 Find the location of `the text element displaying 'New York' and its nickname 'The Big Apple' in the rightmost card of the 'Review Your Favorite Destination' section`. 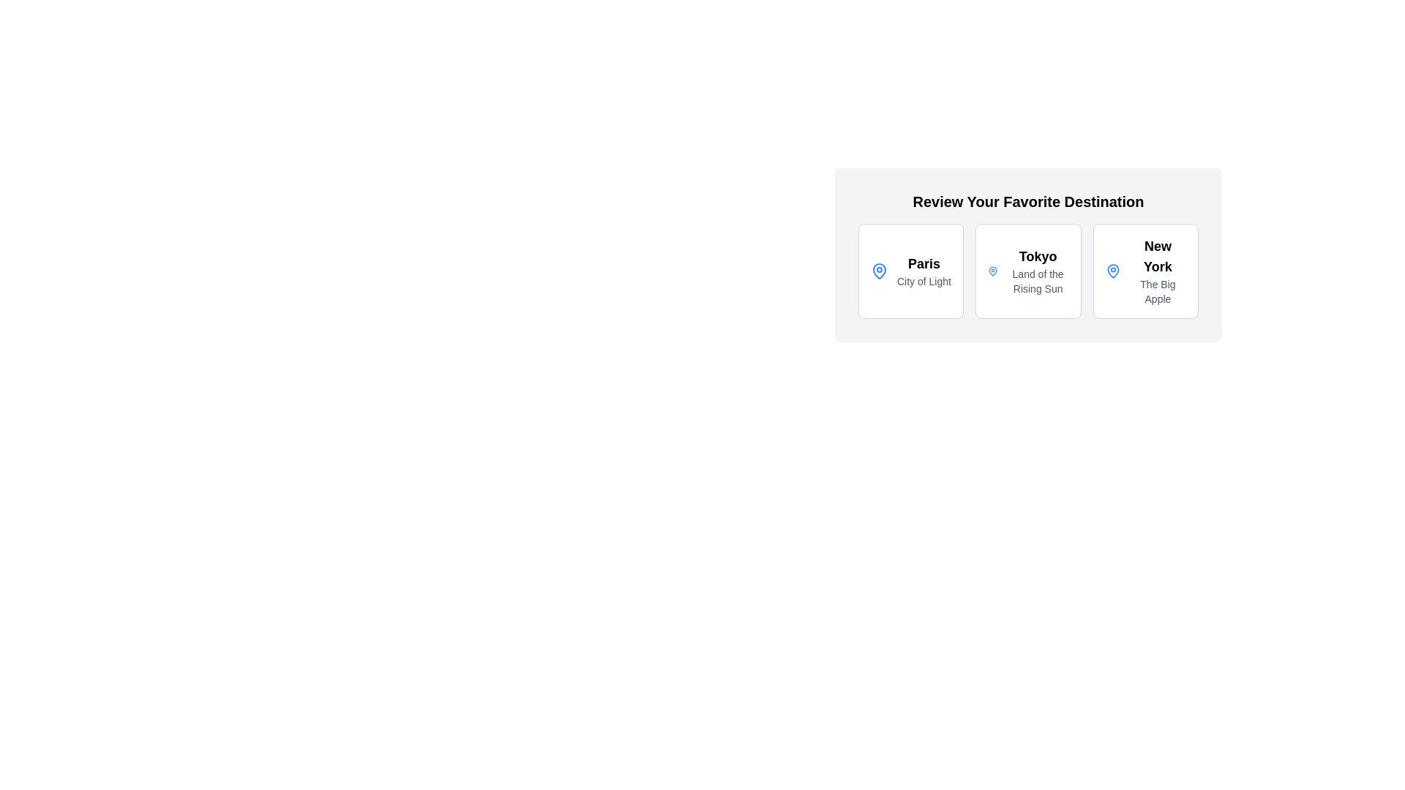

the text element displaying 'New York' and its nickname 'The Big Apple' in the rightmost card of the 'Review Your Favorite Destination' section is located at coordinates (1157, 271).